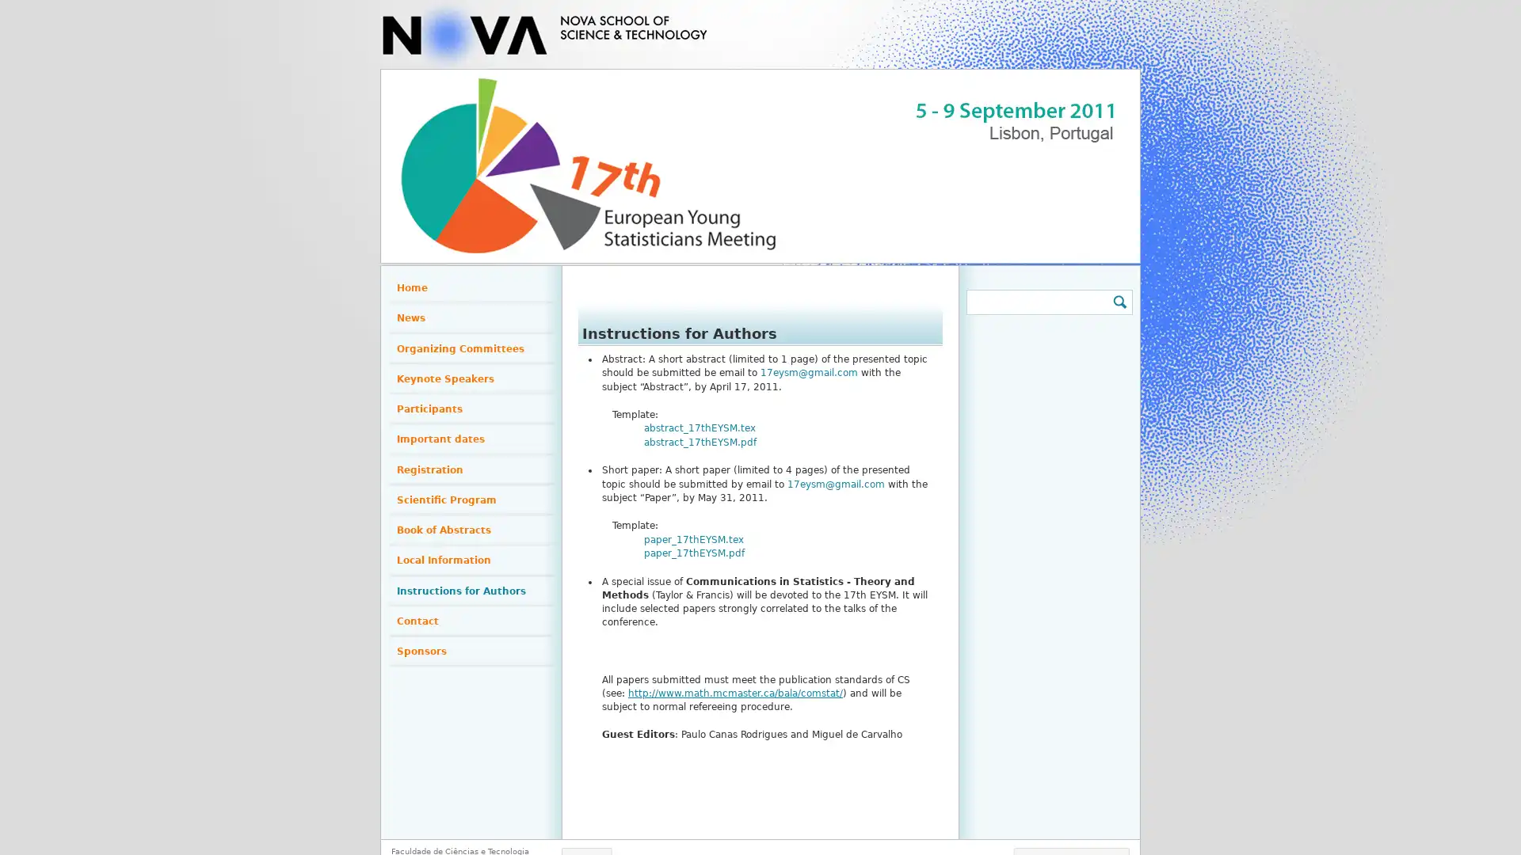 The height and width of the screenshot is (855, 1521). Describe the element at coordinates (1118, 302) in the screenshot. I see `Search` at that location.